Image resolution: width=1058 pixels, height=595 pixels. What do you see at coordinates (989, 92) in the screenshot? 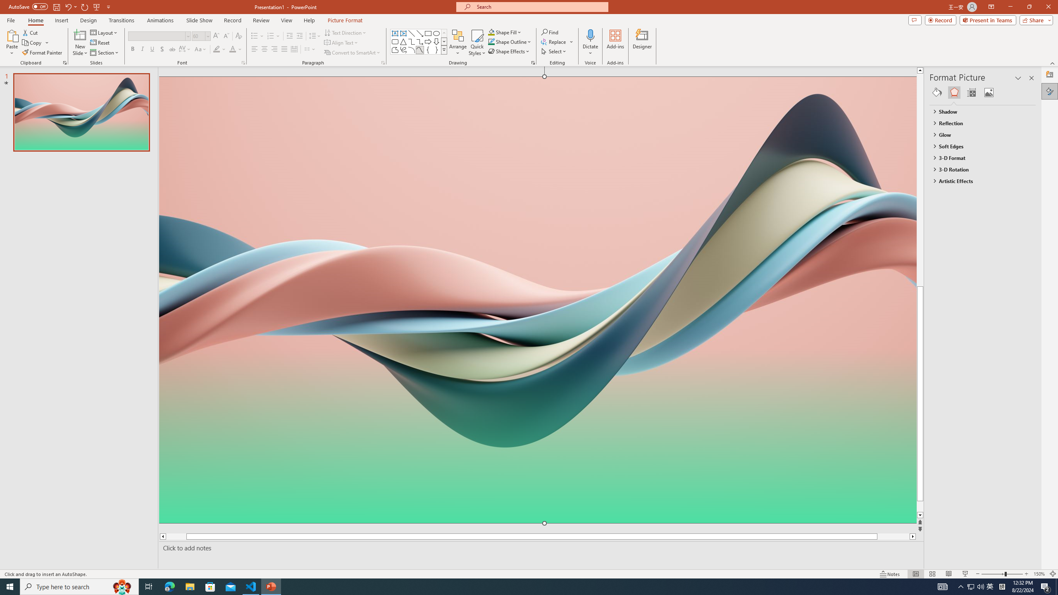
I see `'Picture'` at bounding box center [989, 92].